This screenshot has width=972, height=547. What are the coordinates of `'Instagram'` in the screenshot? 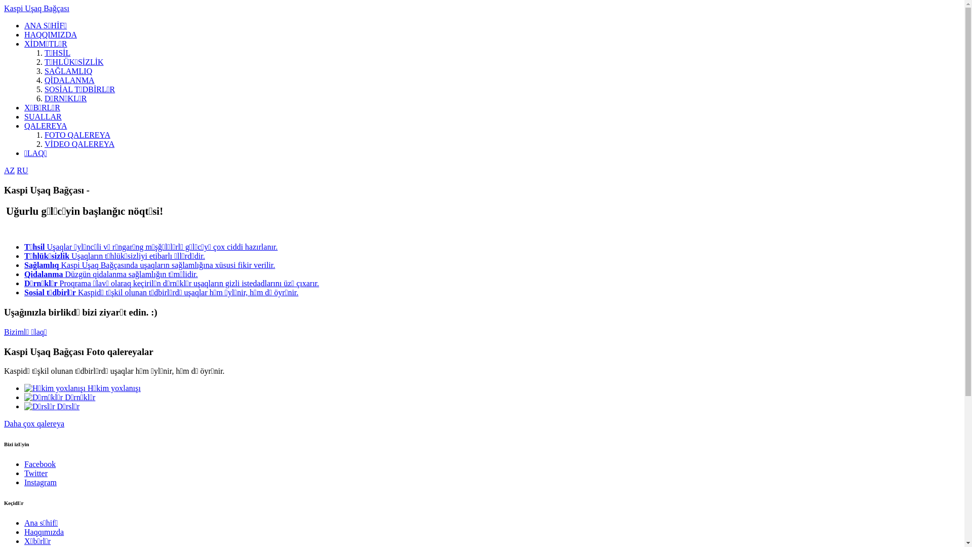 It's located at (24, 482).